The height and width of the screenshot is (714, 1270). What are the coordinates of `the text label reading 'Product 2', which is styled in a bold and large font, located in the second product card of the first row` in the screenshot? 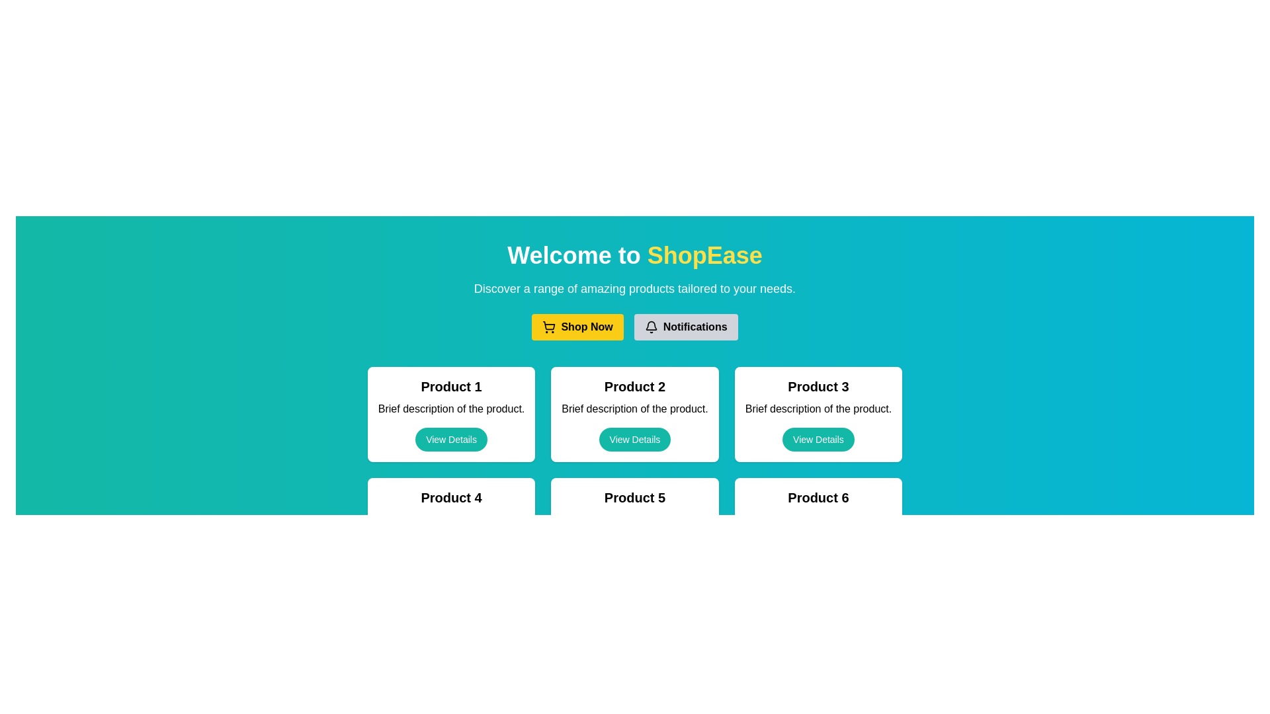 It's located at (635, 387).